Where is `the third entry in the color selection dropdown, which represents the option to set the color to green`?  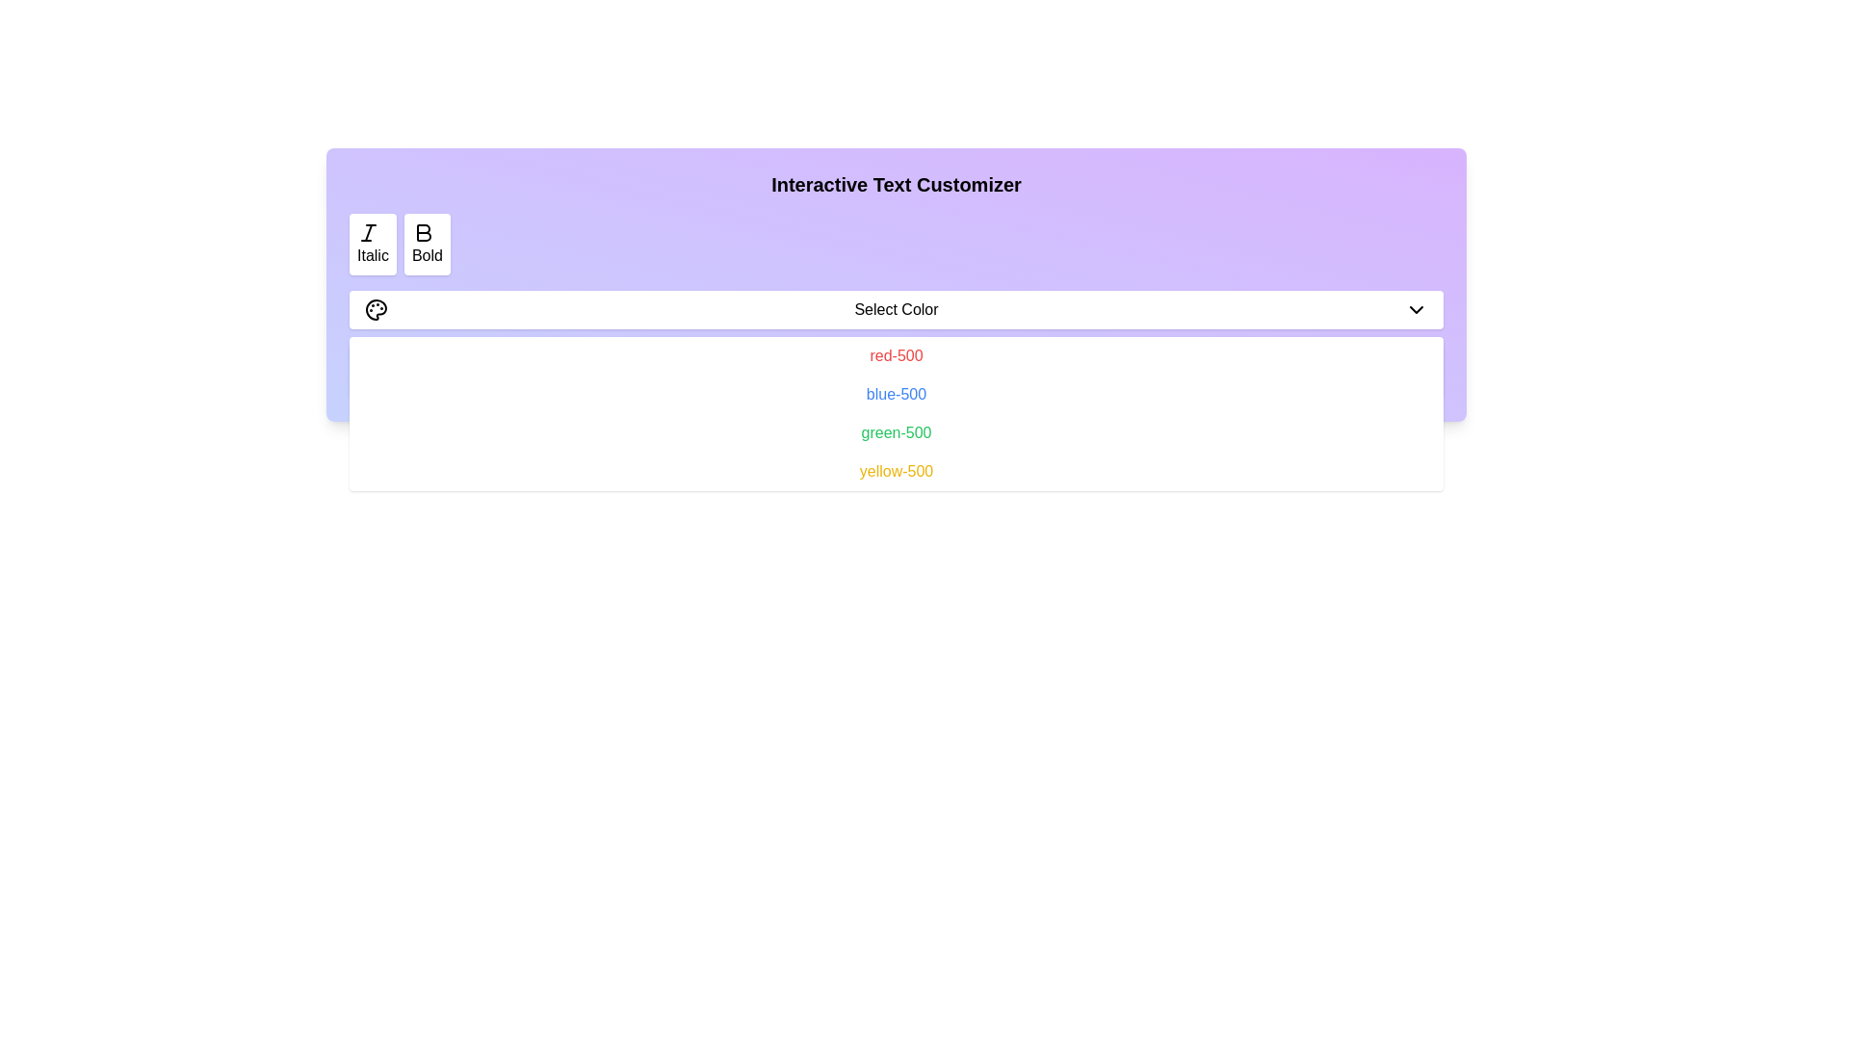
the third entry in the color selection dropdown, which represents the option to set the color to green is located at coordinates (896, 433).